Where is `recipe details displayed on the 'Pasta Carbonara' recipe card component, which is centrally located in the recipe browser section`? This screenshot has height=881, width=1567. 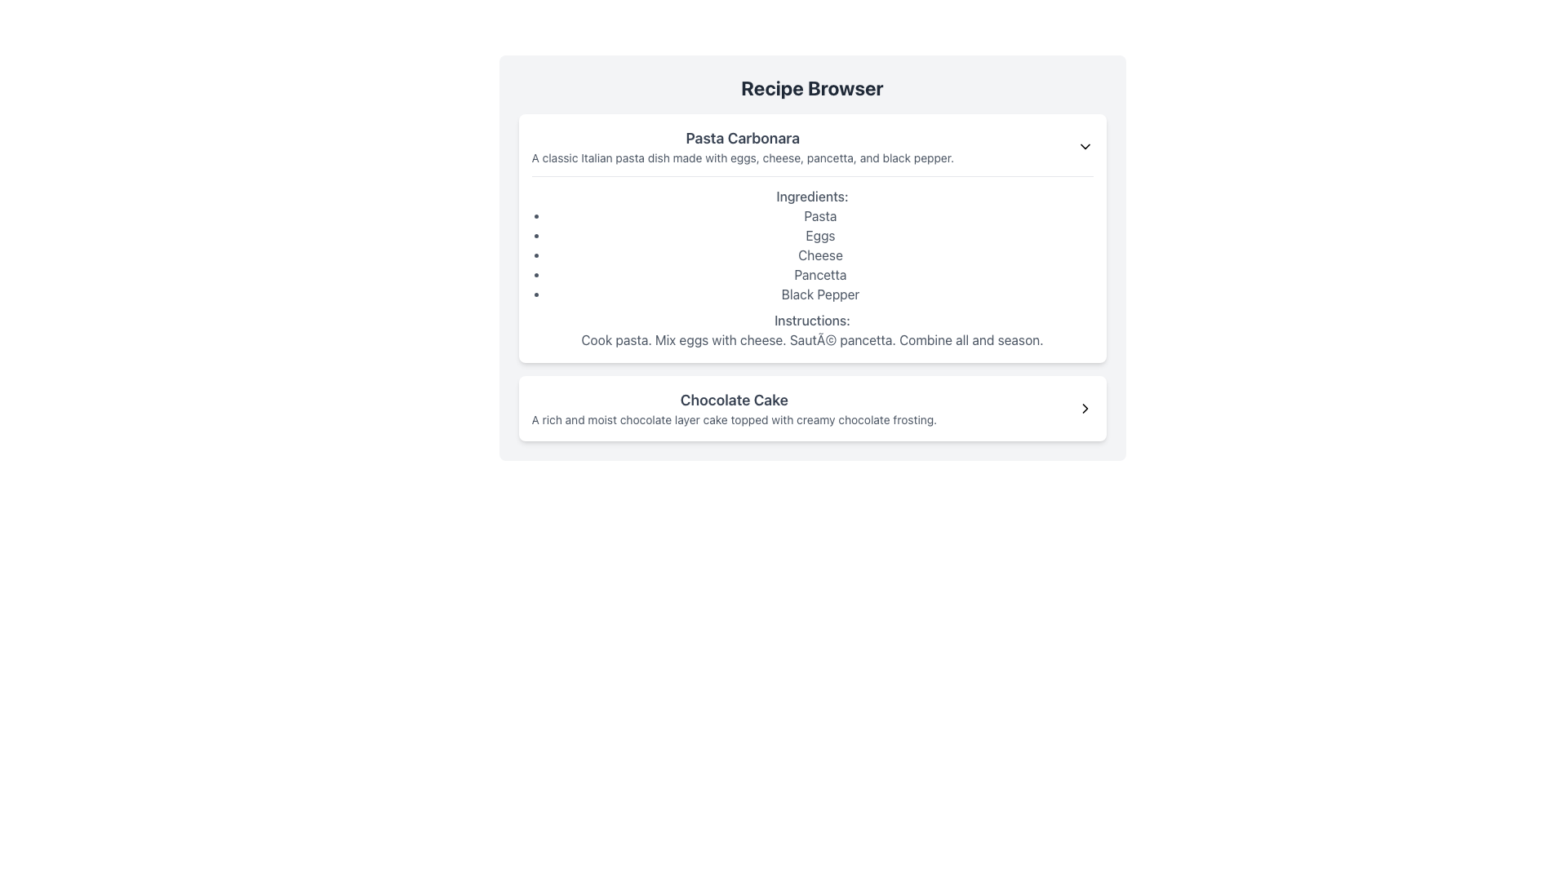
recipe details displayed on the 'Pasta Carbonara' recipe card component, which is centrally located in the recipe browser section is located at coordinates (812, 277).